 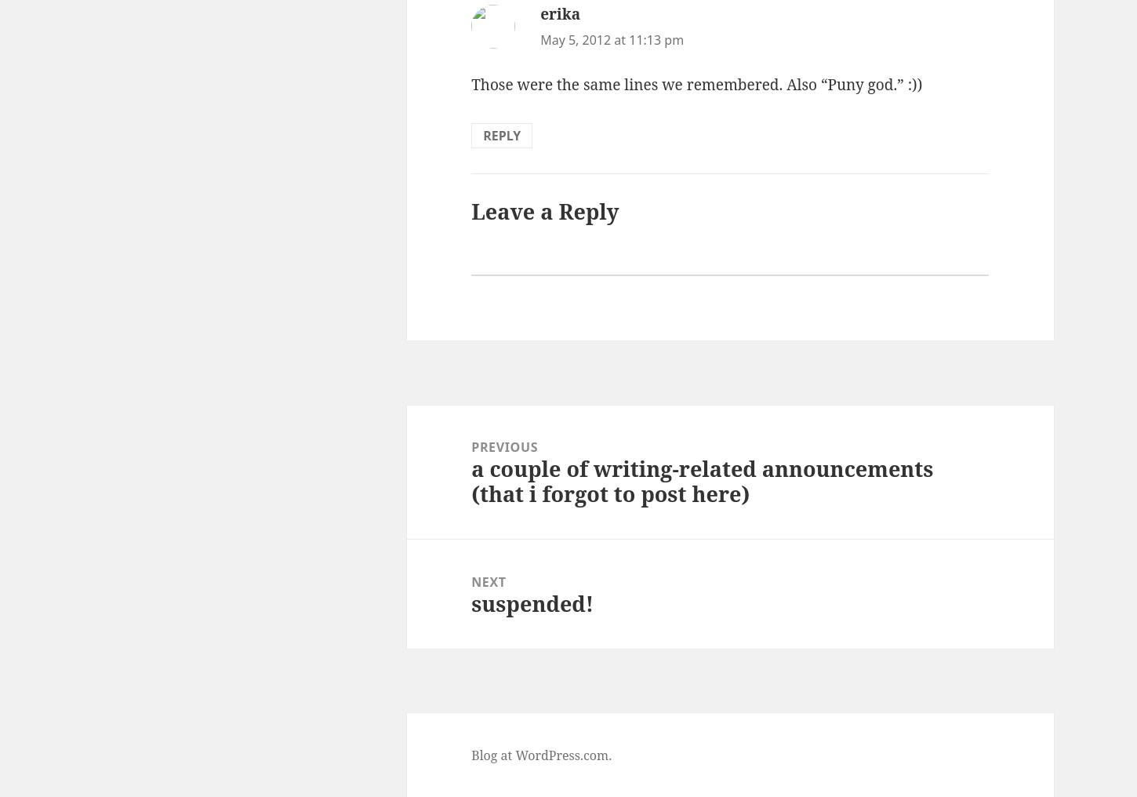 I want to click on 'Reply', so click(x=501, y=134).